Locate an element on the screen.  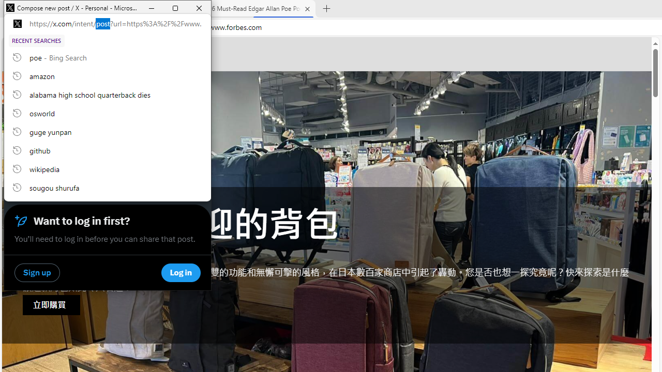
'guge yunpan, recent searches from history' is located at coordinates (108, 131).